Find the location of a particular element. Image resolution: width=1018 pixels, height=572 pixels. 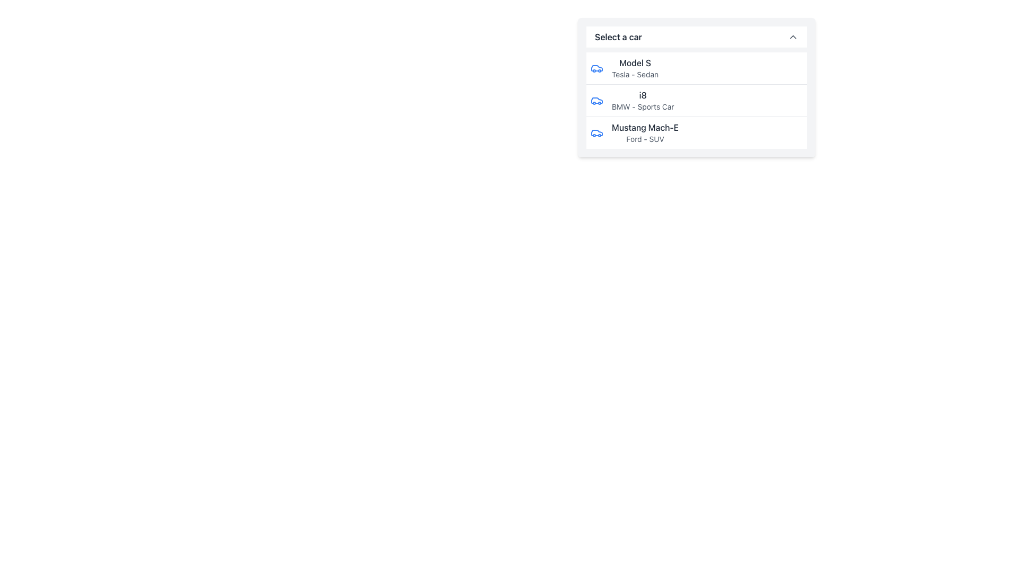

the text box labeled 'i8' which is the second item in the dropdown menu of car options is located at coordinates (642, 100).